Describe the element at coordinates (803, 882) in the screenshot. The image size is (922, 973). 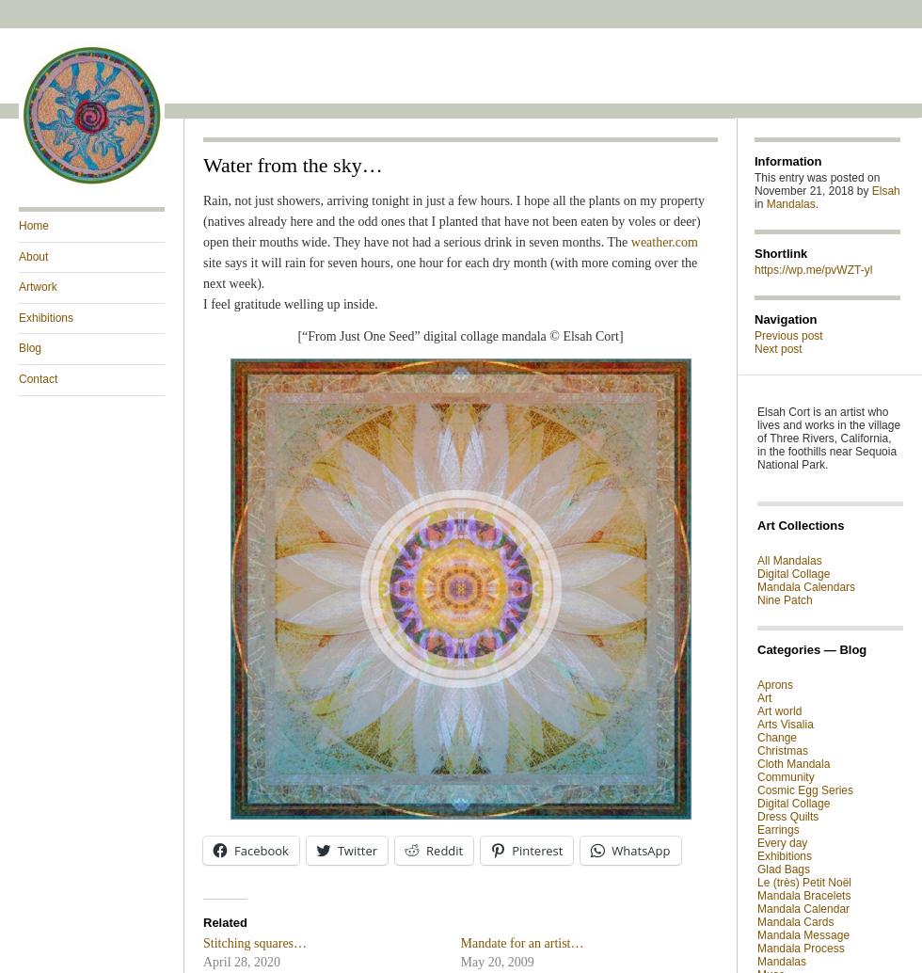
I see `'Le (très) Petit Noël'` at that location.